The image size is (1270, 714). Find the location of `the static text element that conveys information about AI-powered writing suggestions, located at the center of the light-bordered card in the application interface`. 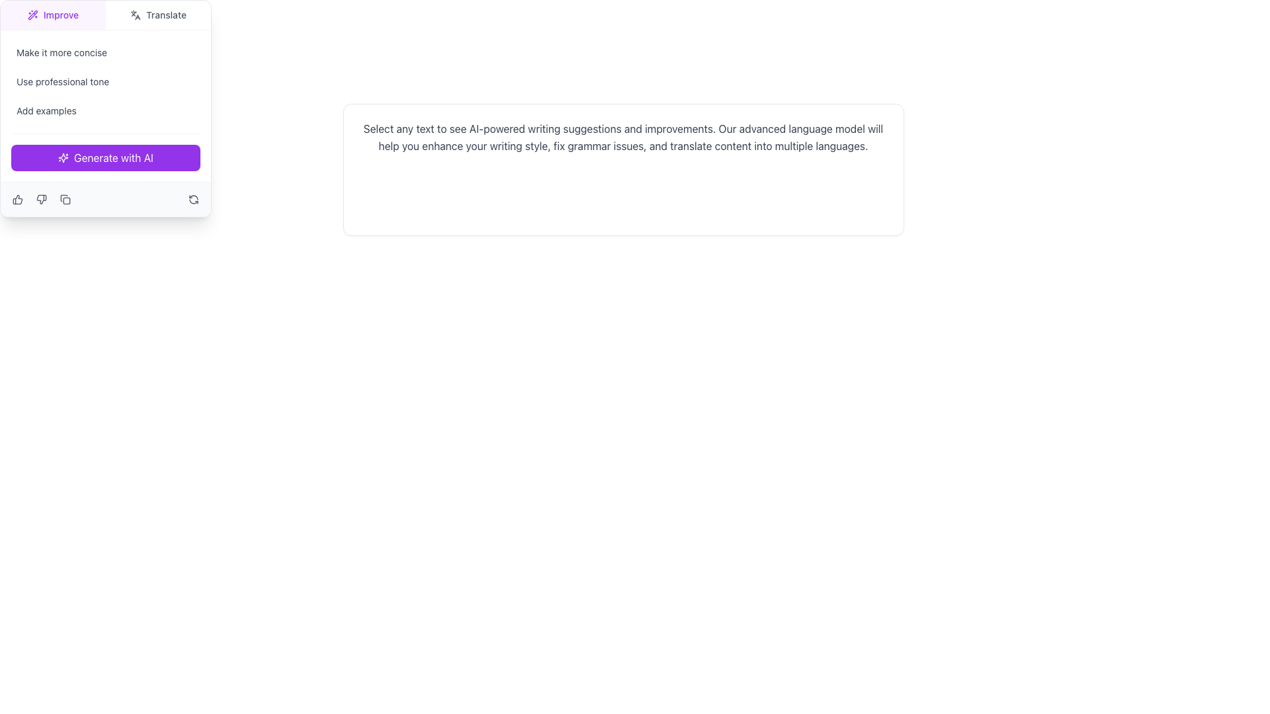

the static text element that conveys information about AI-powered writing suggestions, located at the center of the light-bordered card in the application interface is located at coordinates (622, 138).